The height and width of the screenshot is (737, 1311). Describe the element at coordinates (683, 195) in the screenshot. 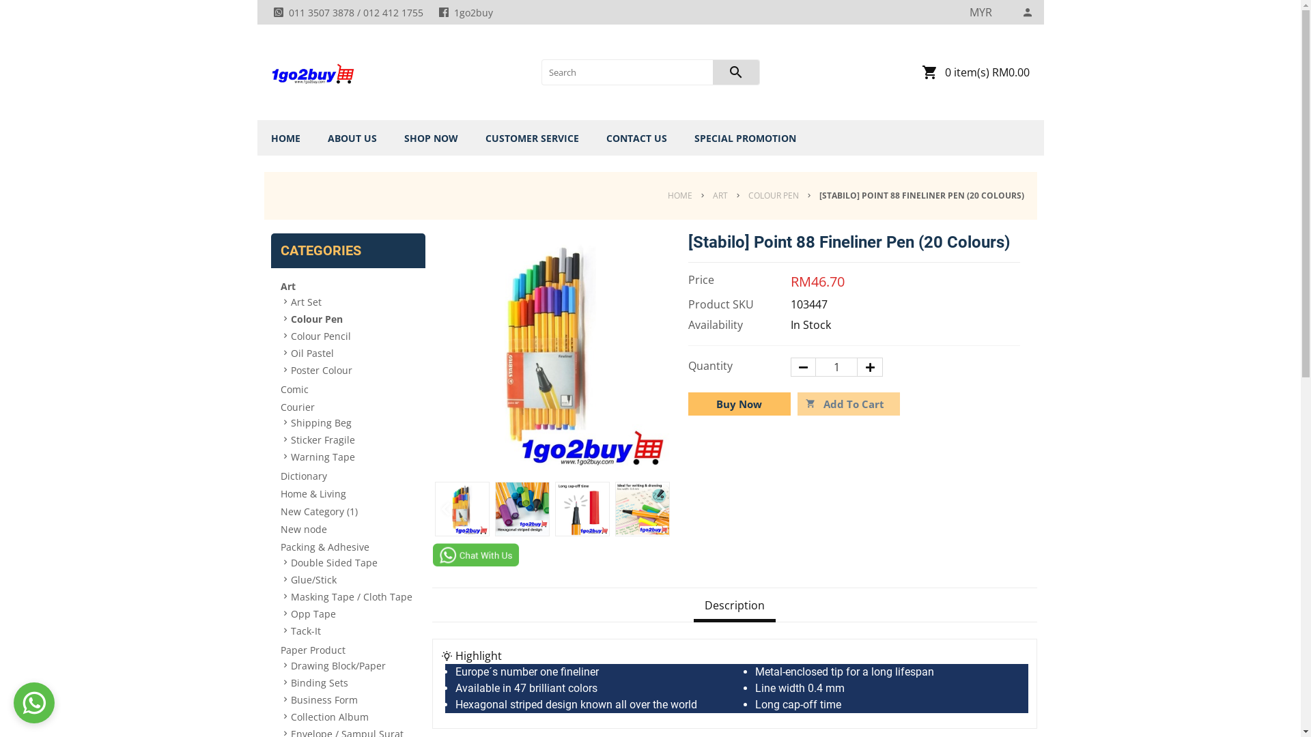

I see `'HOME'` at that location.